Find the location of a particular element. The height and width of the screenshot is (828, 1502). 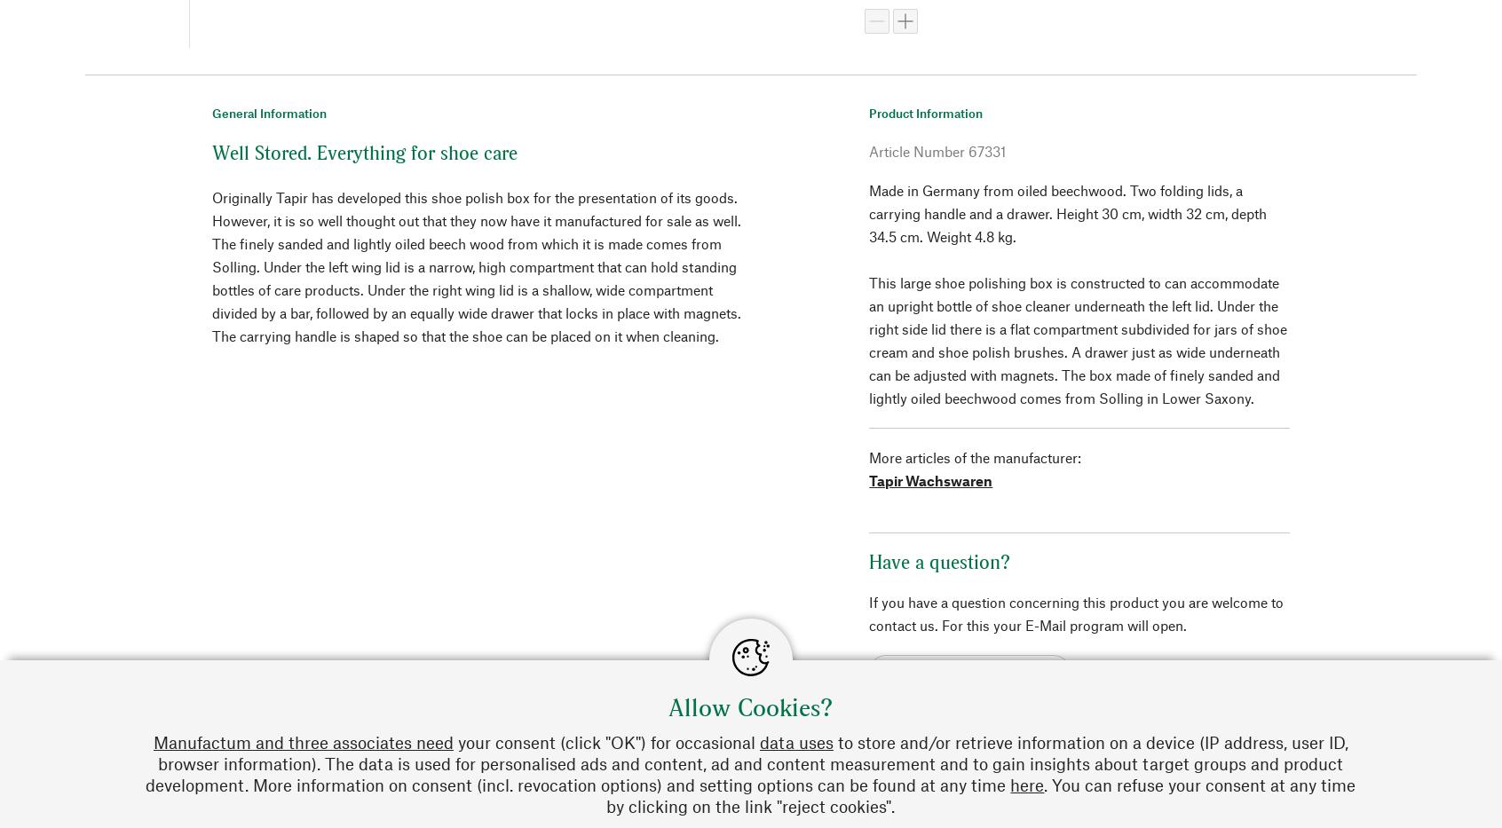

'If you have a question concerning this product you are welcome to contact us. For this your E-Mail program will open.' is located at coordinates (1076, 612).